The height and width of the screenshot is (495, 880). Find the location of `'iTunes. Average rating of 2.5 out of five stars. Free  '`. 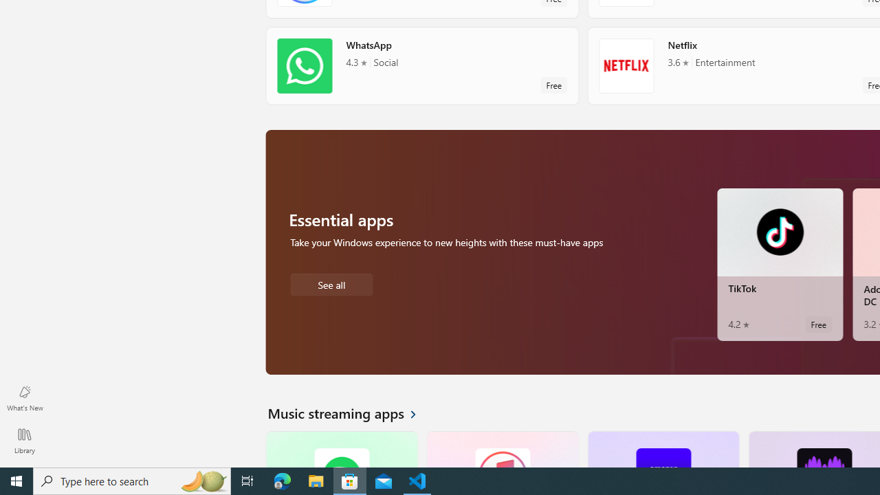

'iTunes. Average rating of 2.5 out of five stars. Free  ' is located at coordinates (501, 449).